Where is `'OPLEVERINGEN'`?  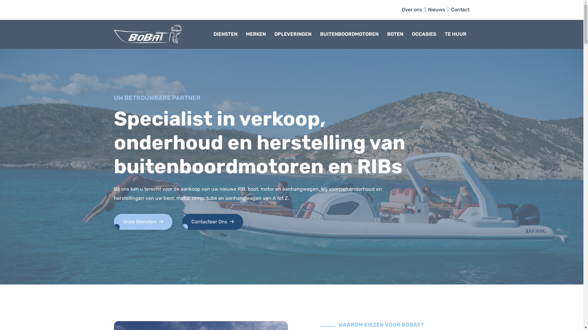
'OPLEVERINGEN' is located at coordinates (294, 34).